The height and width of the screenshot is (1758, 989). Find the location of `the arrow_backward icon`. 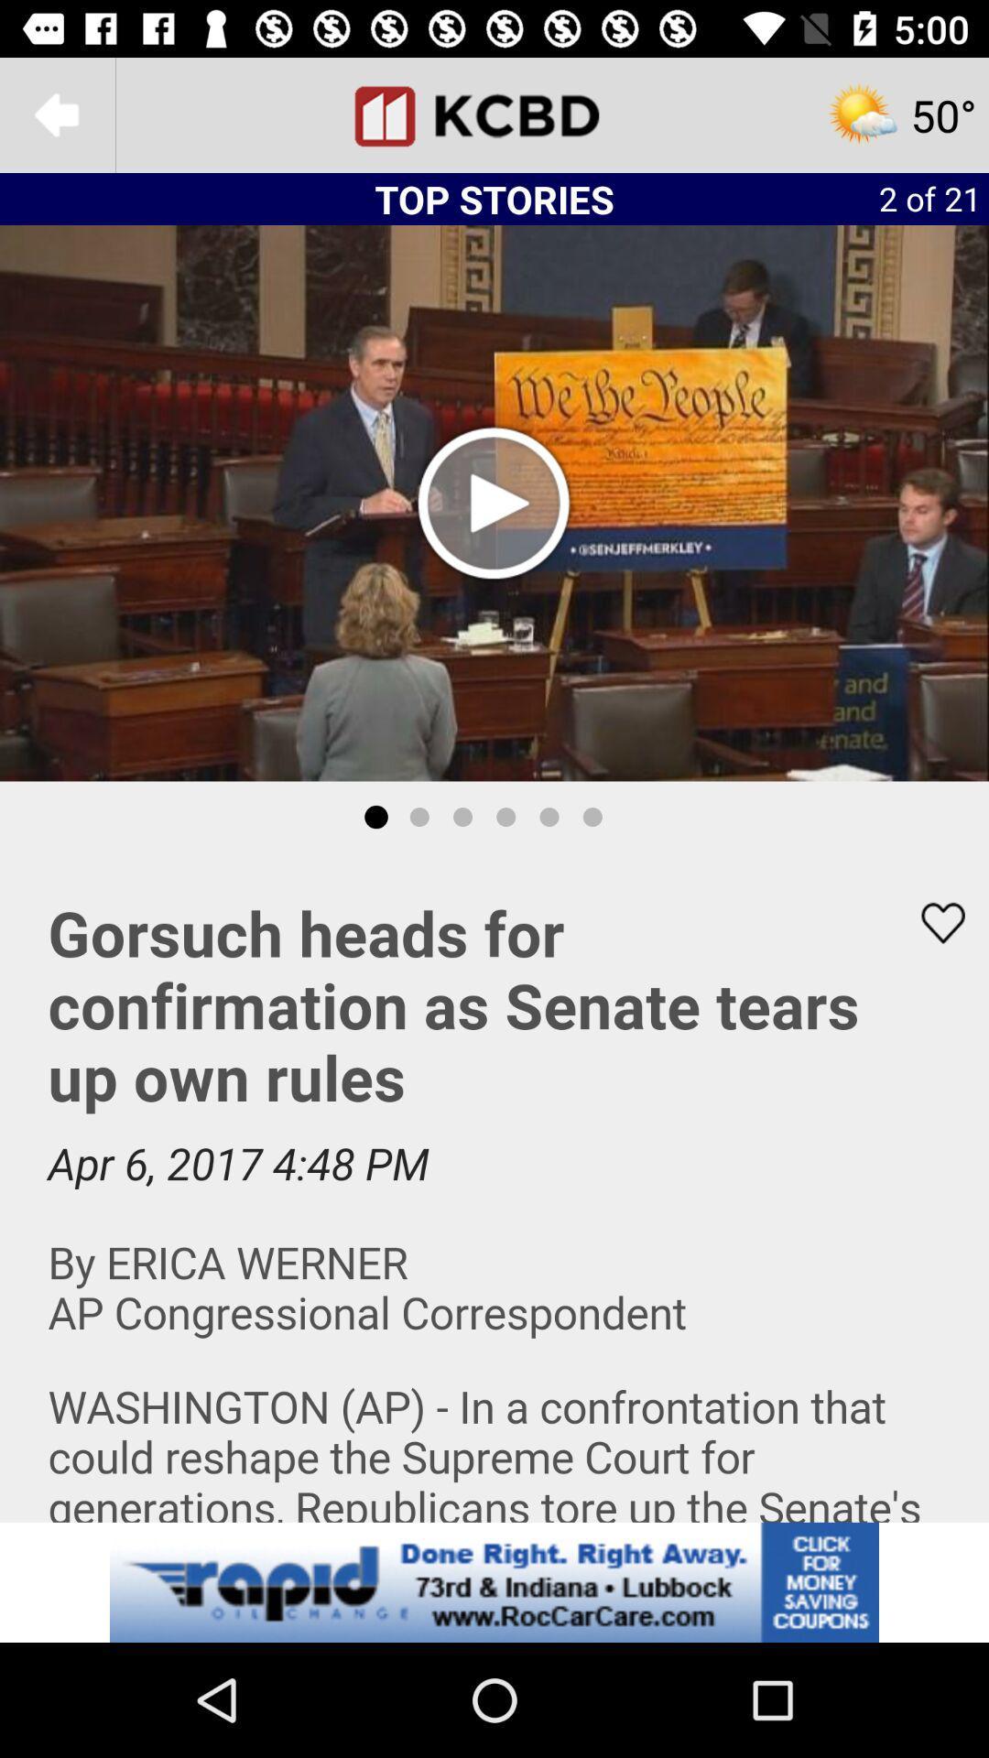

the arrow_backward icon is located at coordinates (56, 114).